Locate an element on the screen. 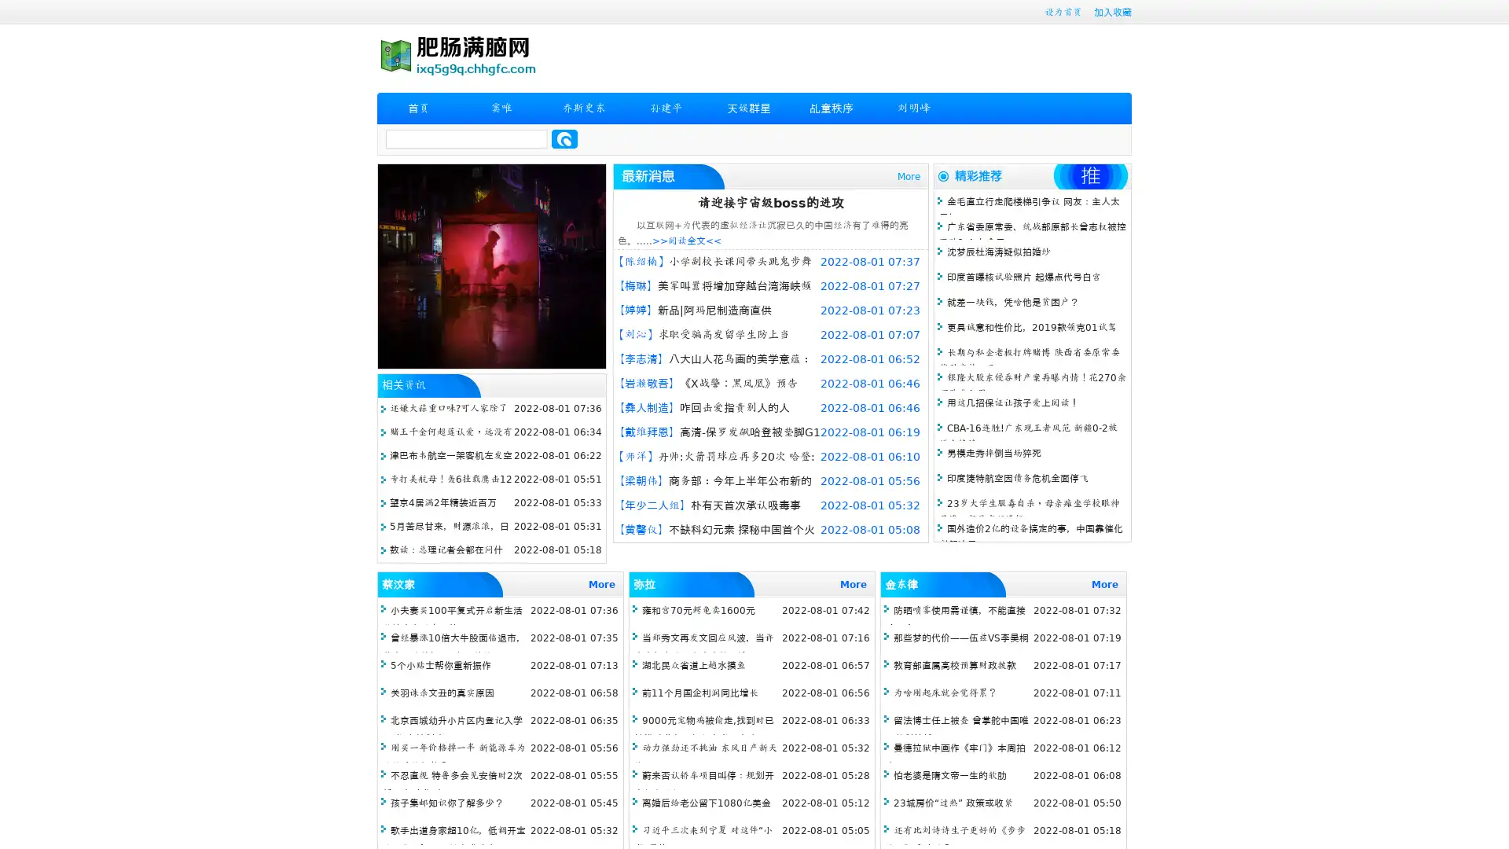 The image size is (1509, 849). Search is located at coordinates (564, 138).